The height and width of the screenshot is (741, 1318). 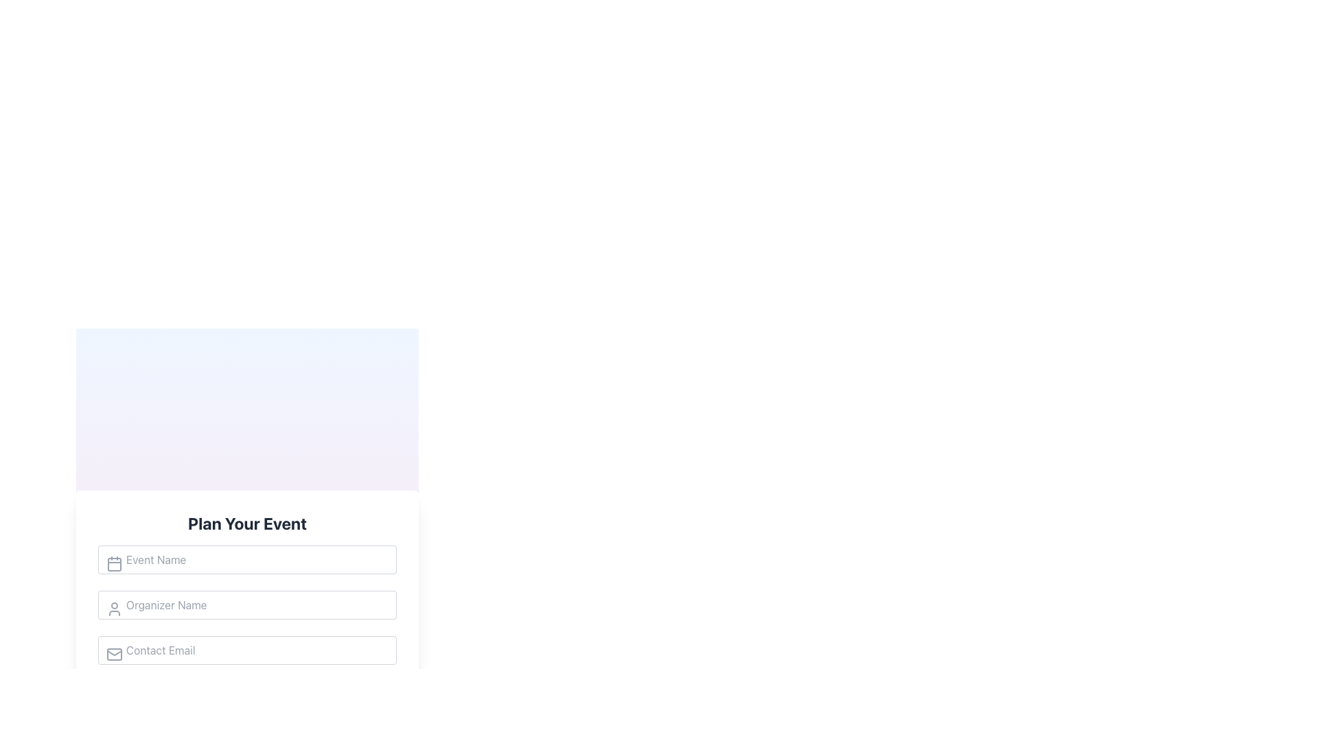 What do you see at coordinates (115, 653) in the screenshot?
I see `the decorative icon located at the left inside the 'Contact Email' input field to indicate its purpose for email entry` at bounding box center [115, 653].